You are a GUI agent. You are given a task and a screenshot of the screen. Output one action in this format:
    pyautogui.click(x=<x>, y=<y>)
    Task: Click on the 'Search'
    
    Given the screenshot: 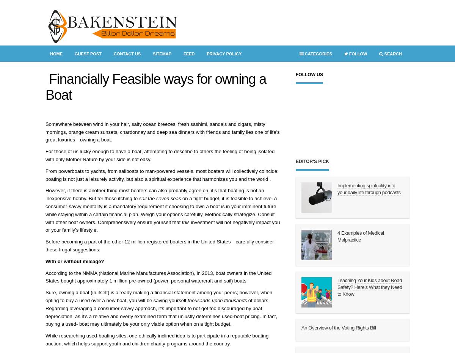 What is the action you would take?
    pyautogui.click(x=392, y=53)
    